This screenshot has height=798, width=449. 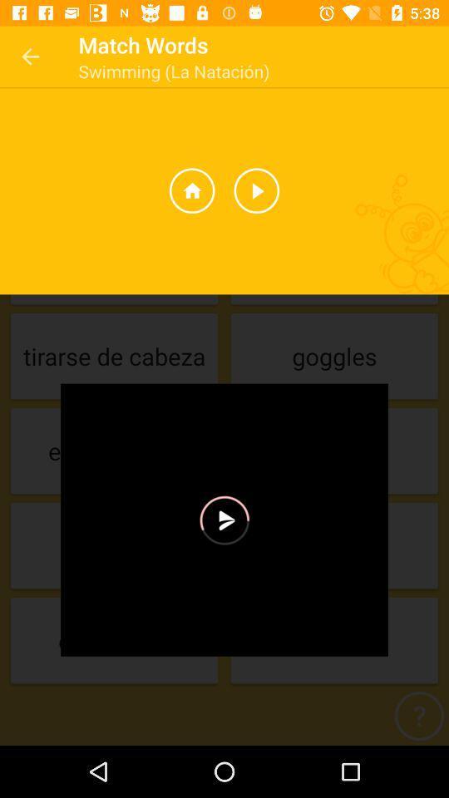 I want to click on the play icon, so click(x=256, y=190).